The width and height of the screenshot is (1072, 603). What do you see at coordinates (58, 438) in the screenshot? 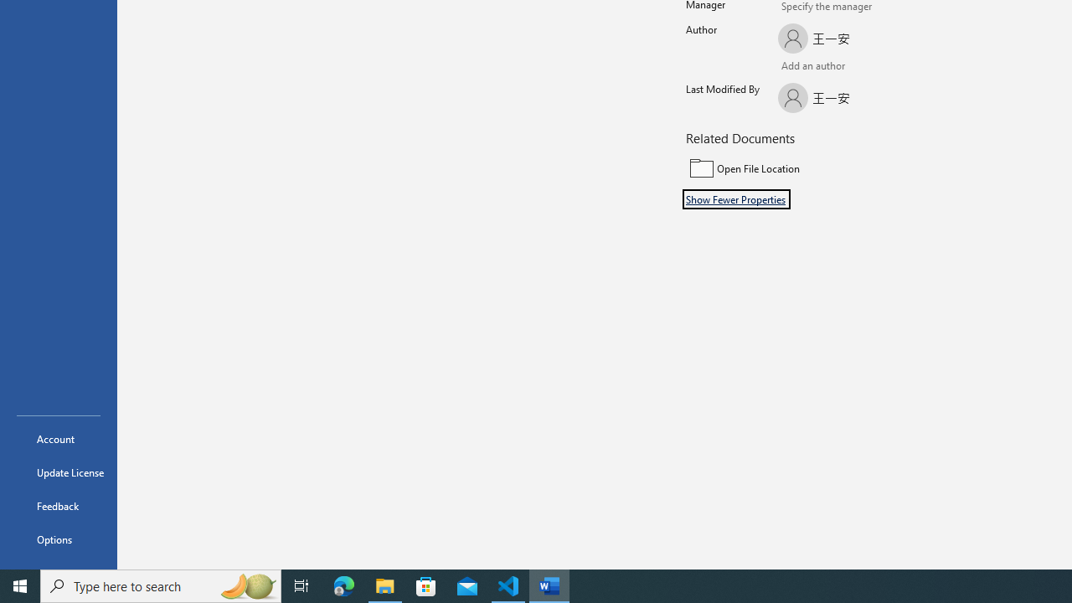
I see `'Account'` at bounding box center [58, 438].